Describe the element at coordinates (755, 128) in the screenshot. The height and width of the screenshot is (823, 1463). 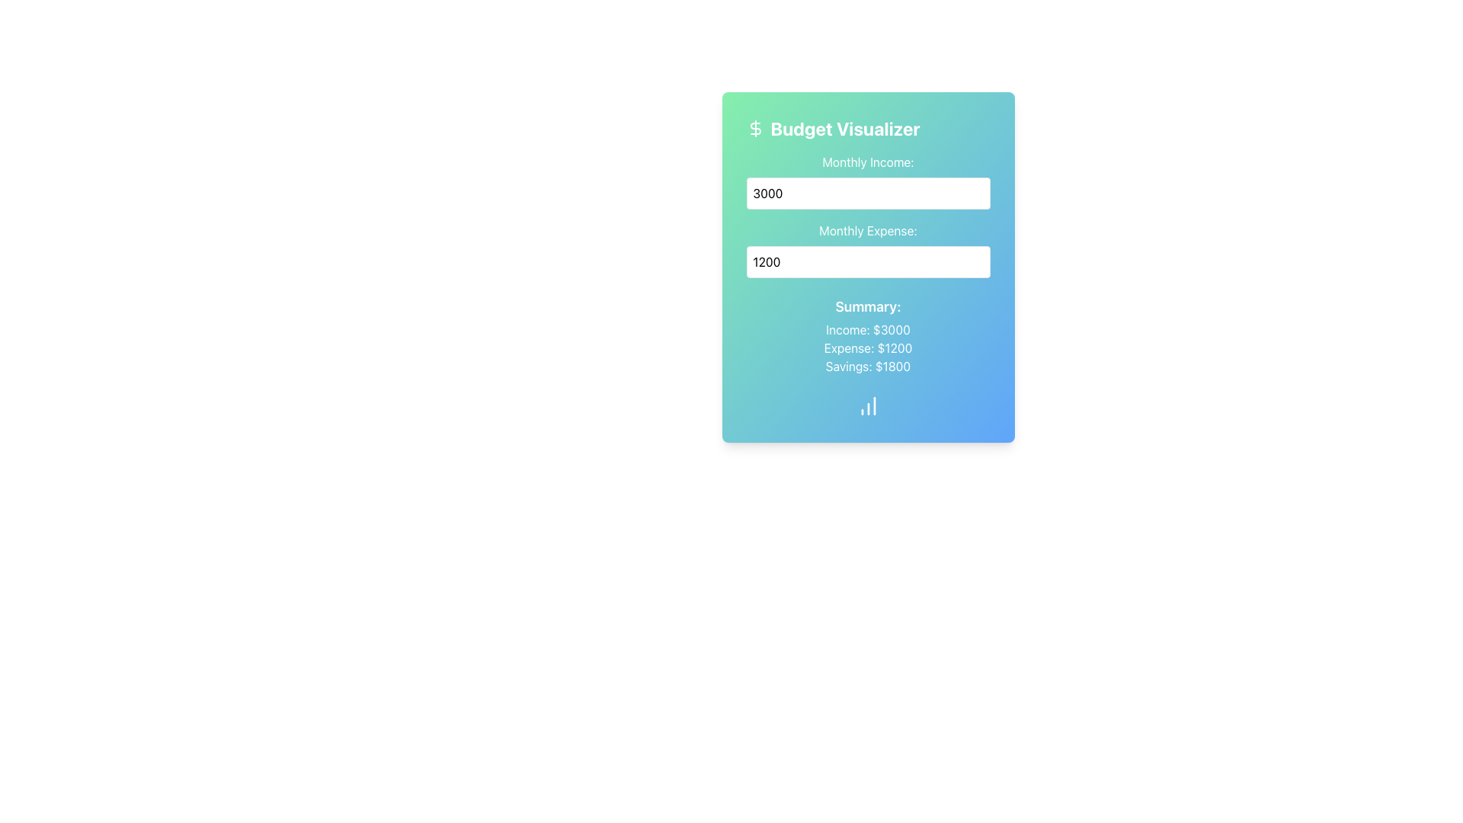
I see `the dollar sign icon with a green background located to the left of the 'Budget Visualizer' heading` at that location.